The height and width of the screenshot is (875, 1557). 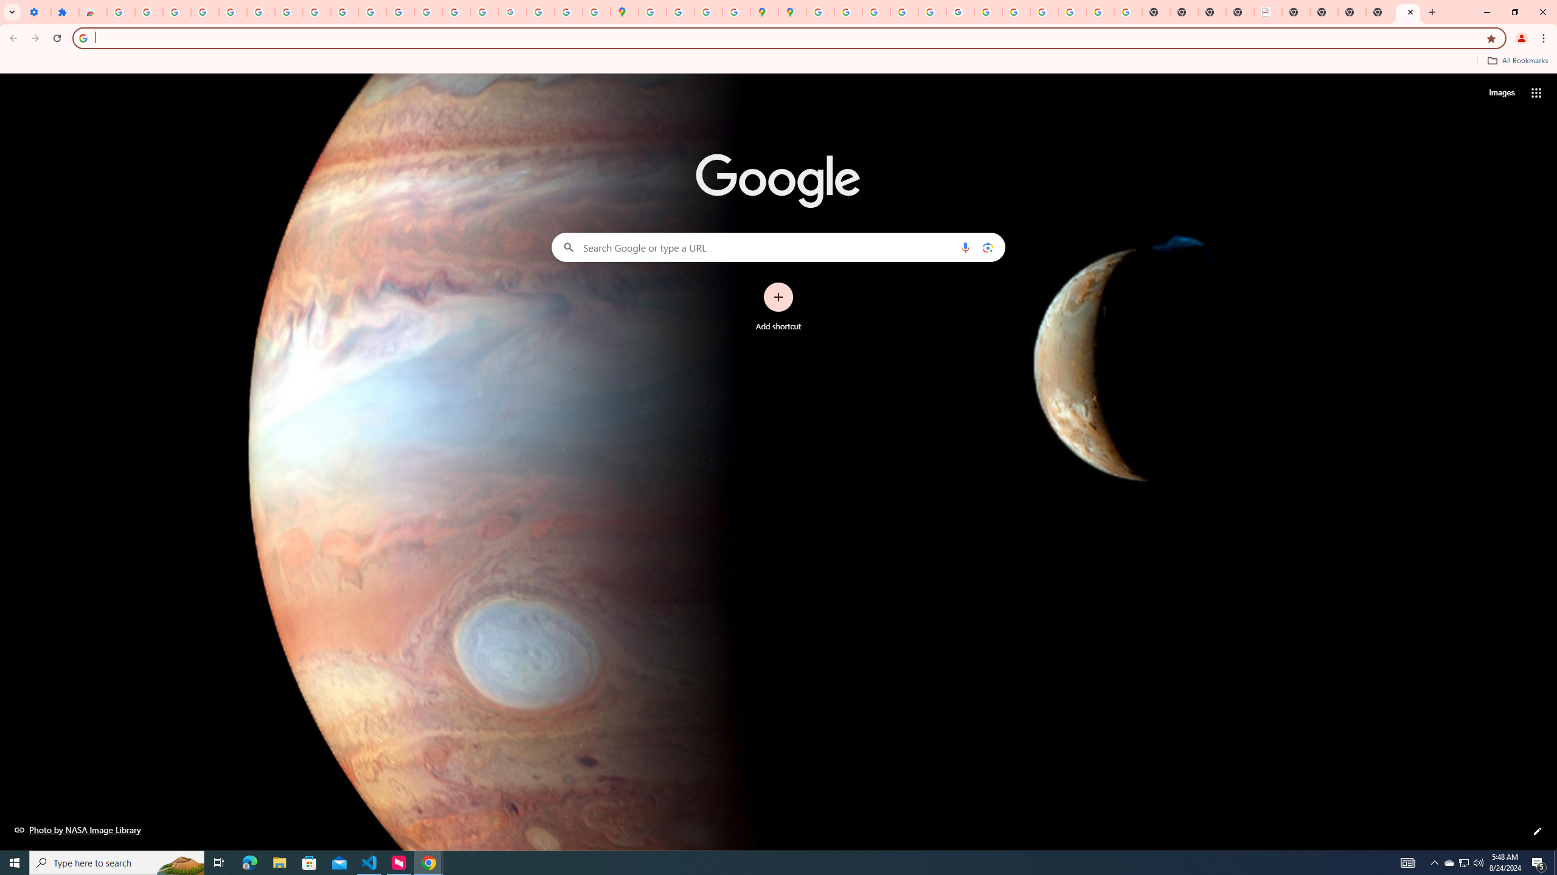 I want to click on 'Search Google or type a URL', so click(x=778, y=246).